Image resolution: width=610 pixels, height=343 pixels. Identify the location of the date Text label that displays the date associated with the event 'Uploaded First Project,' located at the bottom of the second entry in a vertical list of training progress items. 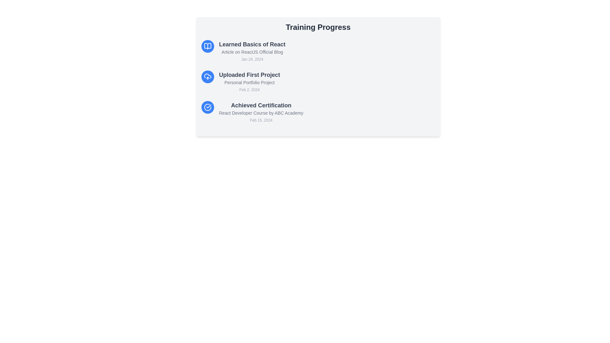
(249, 90).